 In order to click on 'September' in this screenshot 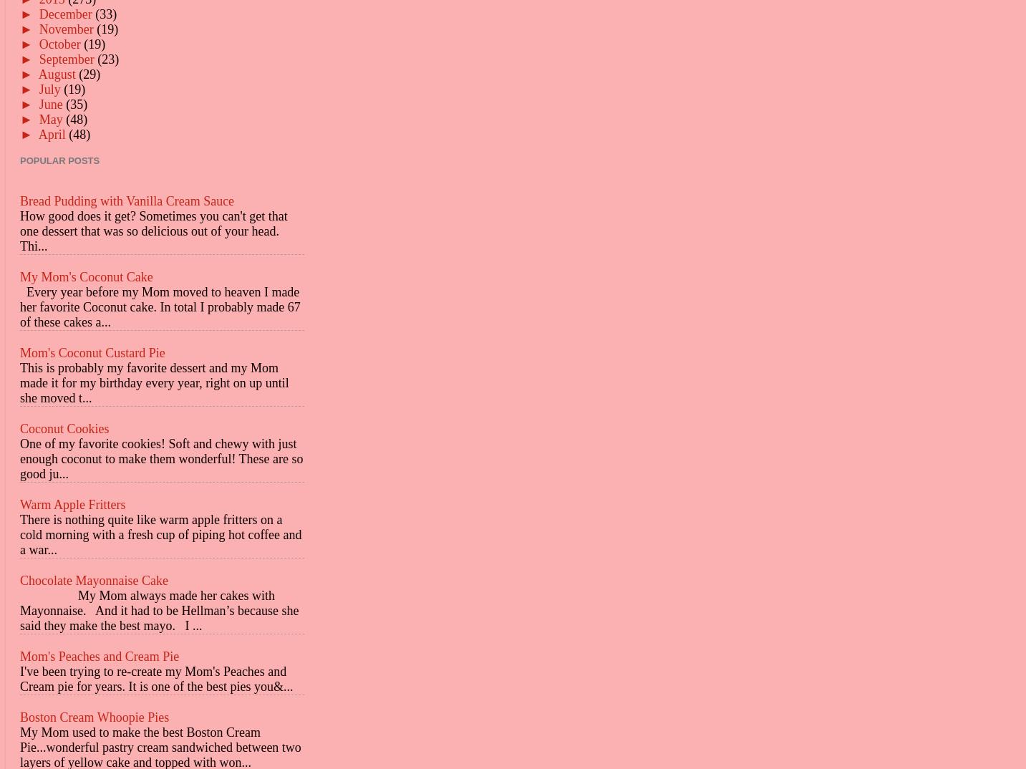, I will do `click(67, 59)`.